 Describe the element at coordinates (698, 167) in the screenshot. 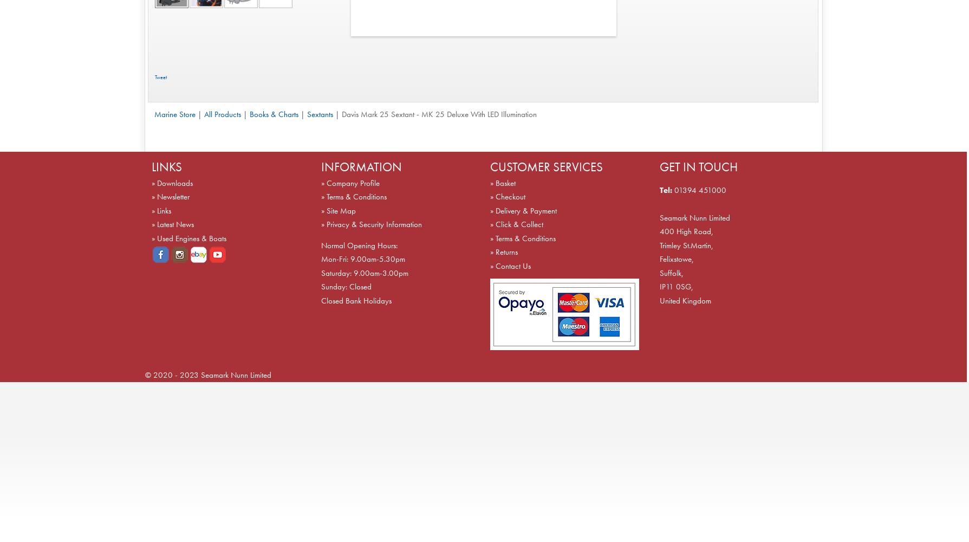

I see `'GET IN TOUCH'` at that location.